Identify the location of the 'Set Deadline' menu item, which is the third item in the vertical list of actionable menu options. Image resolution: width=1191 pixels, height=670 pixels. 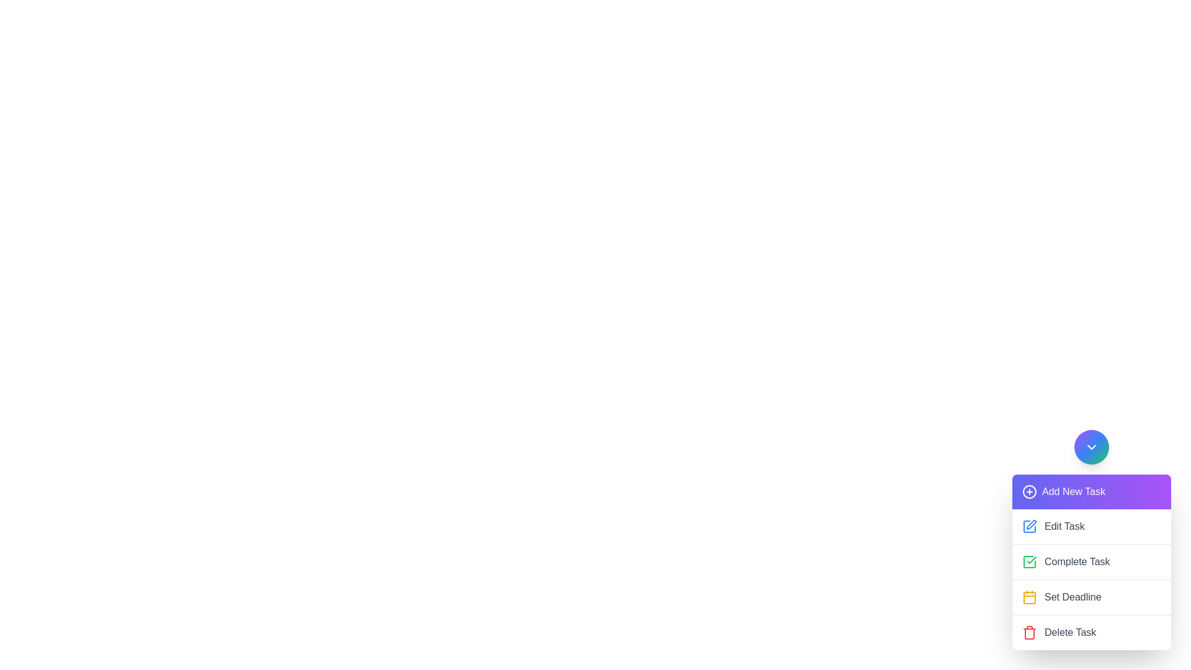
(1092, 596).